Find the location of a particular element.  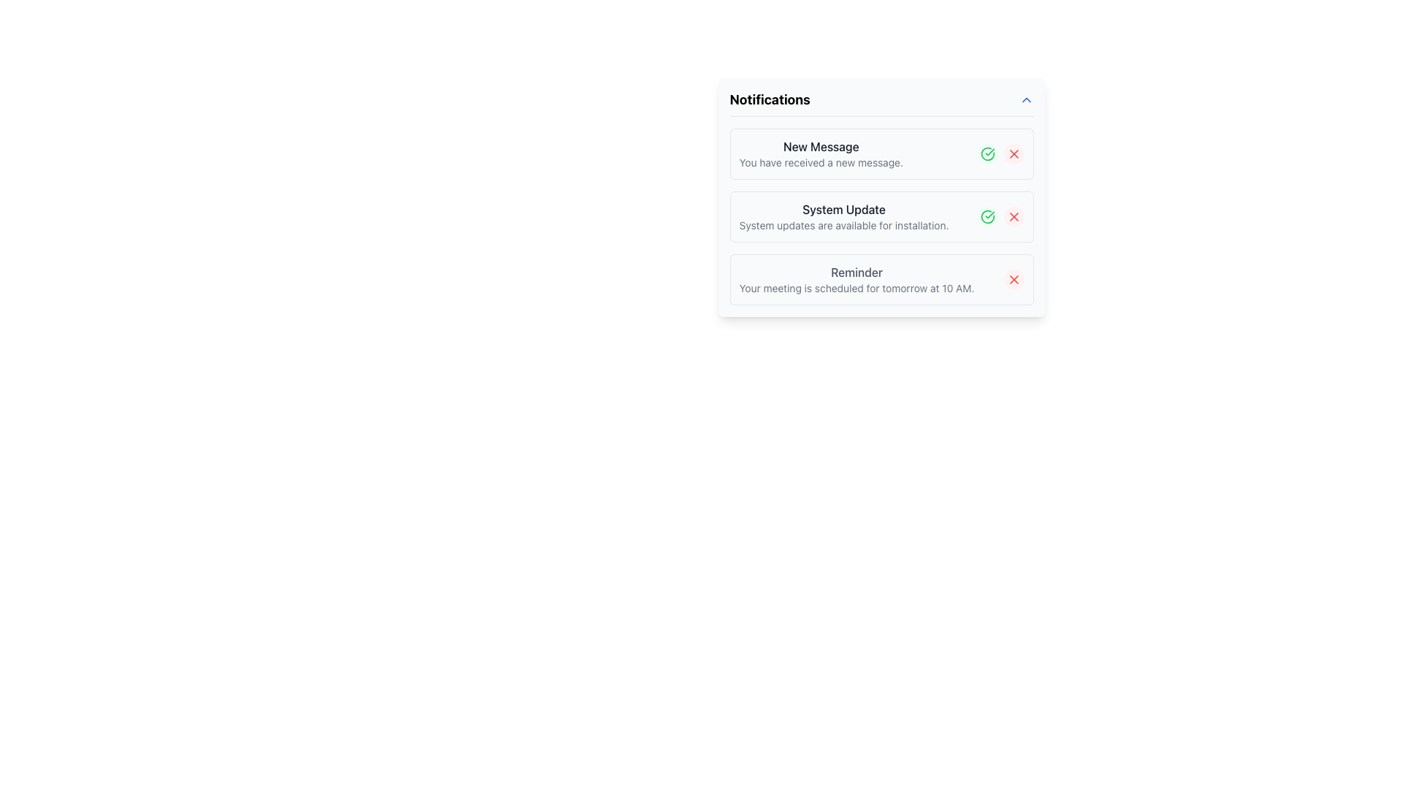

the small blue button with an upward-facing chevron icon located next to the 'Notifications' title in the header is located at coordinates (1025, 99).